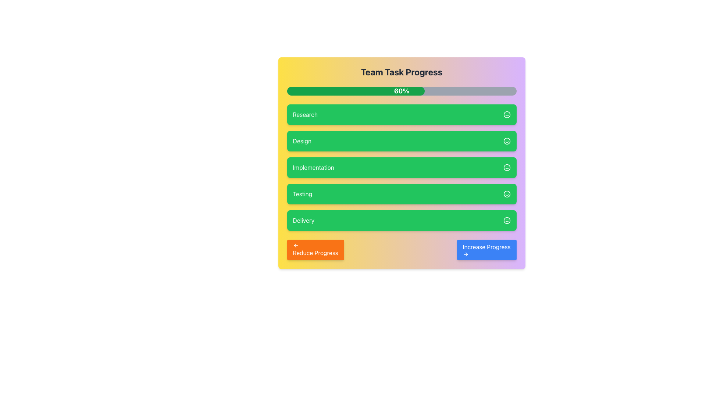 Image resolution: width=706 pixels, height=397 pixels. Describe the element at coordinates (506, 141) in the screenshot. I see `the central circular SVG element within the smiley icon, which represents positive status associated with the 'Design' task` at that location.